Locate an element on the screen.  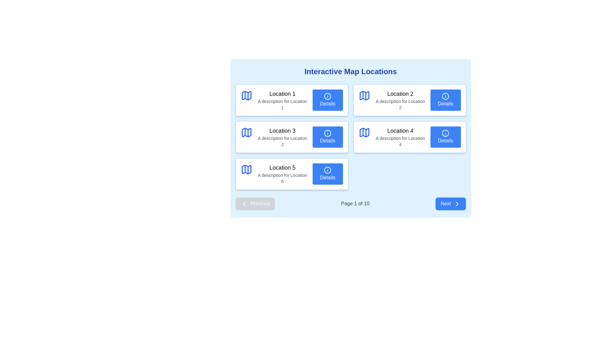
the blue map icon representing 'Location 4' in the 'Interactive Map Locations' interface, which is styled as a folded map and located to the left of the text 'Location 4' is located at coordinates (364, 132).